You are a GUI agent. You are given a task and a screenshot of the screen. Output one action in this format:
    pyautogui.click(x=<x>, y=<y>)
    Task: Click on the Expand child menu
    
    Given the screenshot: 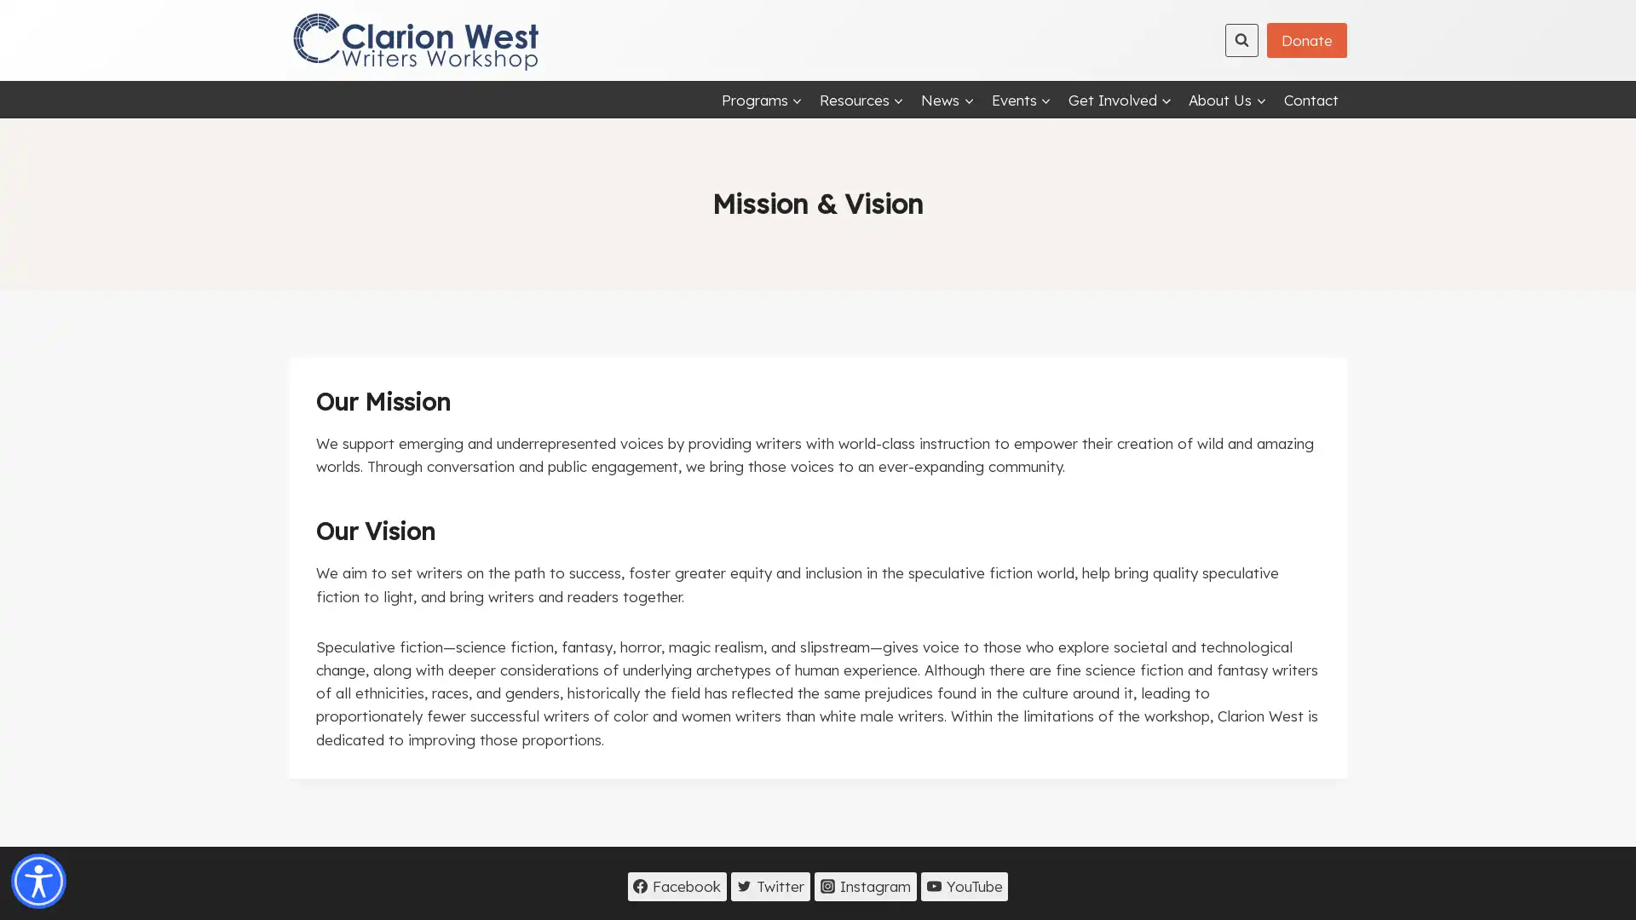 What is the action you would take?
    pyautogui.click(x=760, y=99)
    